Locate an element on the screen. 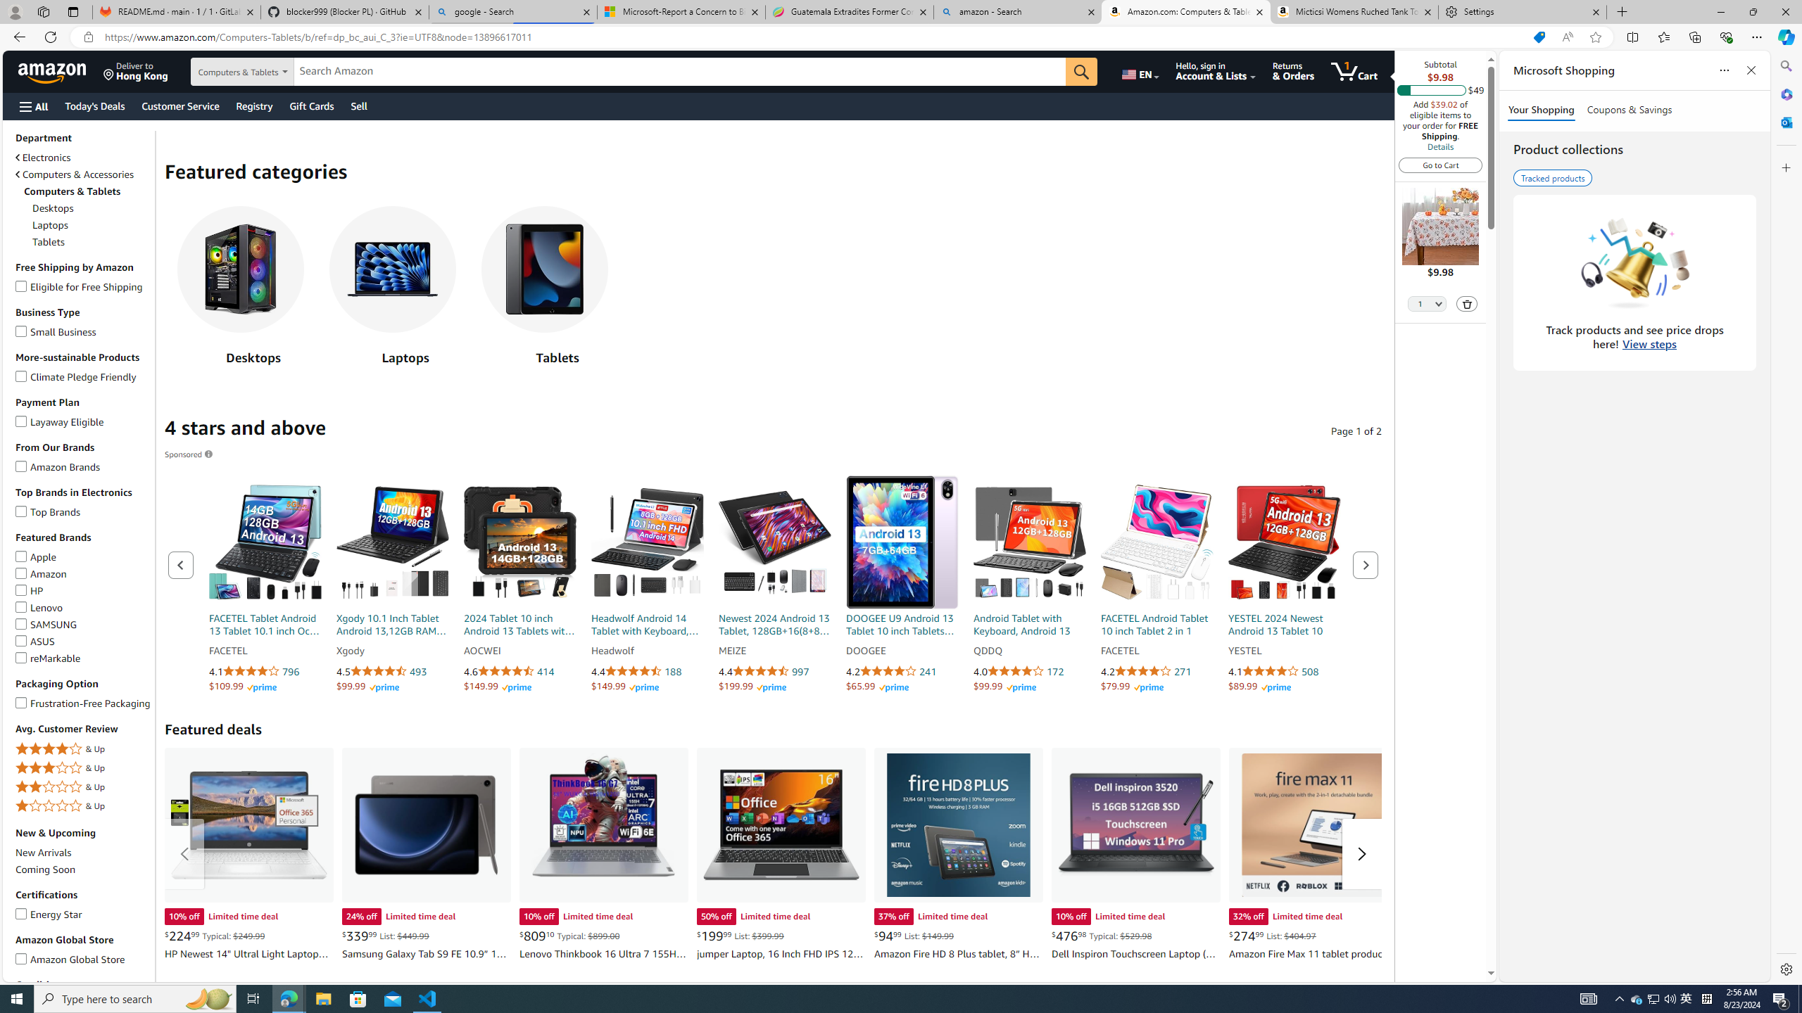 The width and height of the screenshot is (1802, 1013). 'Energy Star Energy Star' is located at coordinates (49, 913).